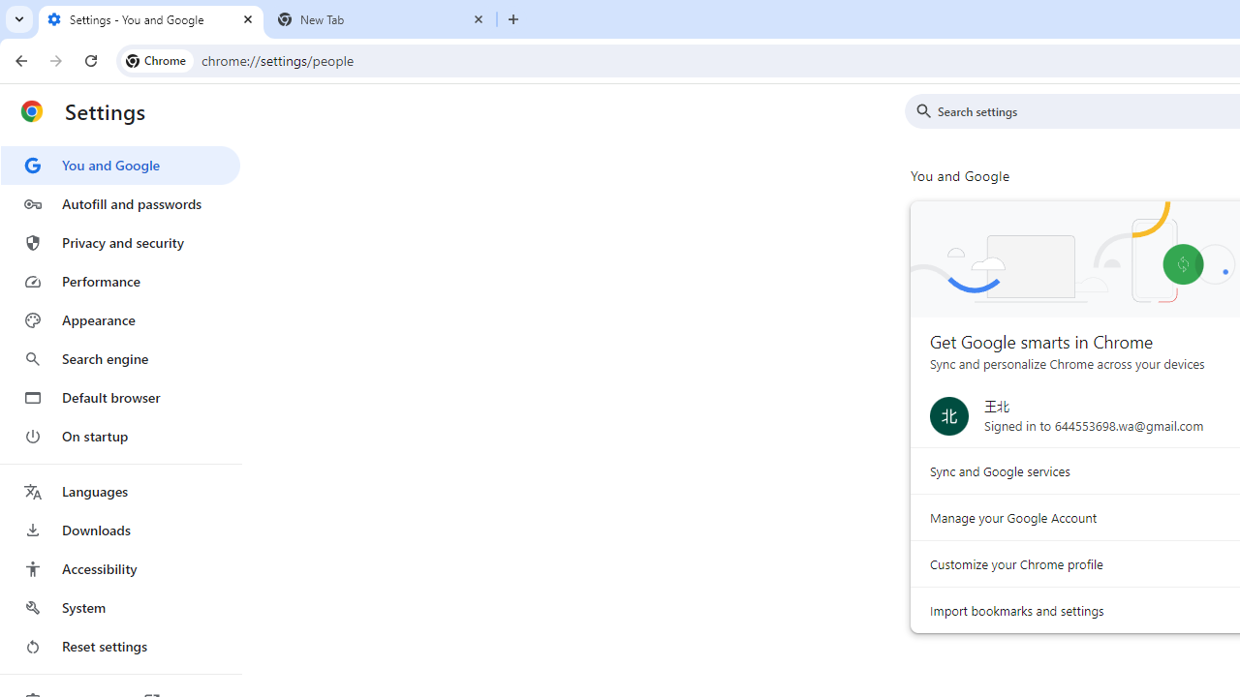 The image size is (1240, 697). I want to click on 'Default browser', so click(119, 397).